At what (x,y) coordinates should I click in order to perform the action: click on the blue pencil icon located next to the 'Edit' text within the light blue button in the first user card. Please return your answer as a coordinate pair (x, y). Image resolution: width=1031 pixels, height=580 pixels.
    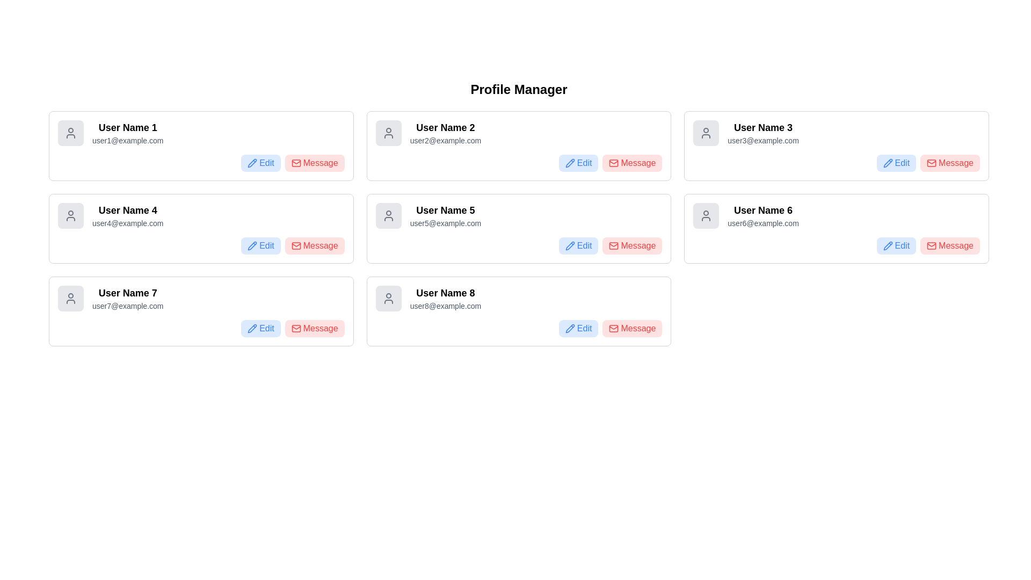
    Looking at the image, I should click on (252, 163).